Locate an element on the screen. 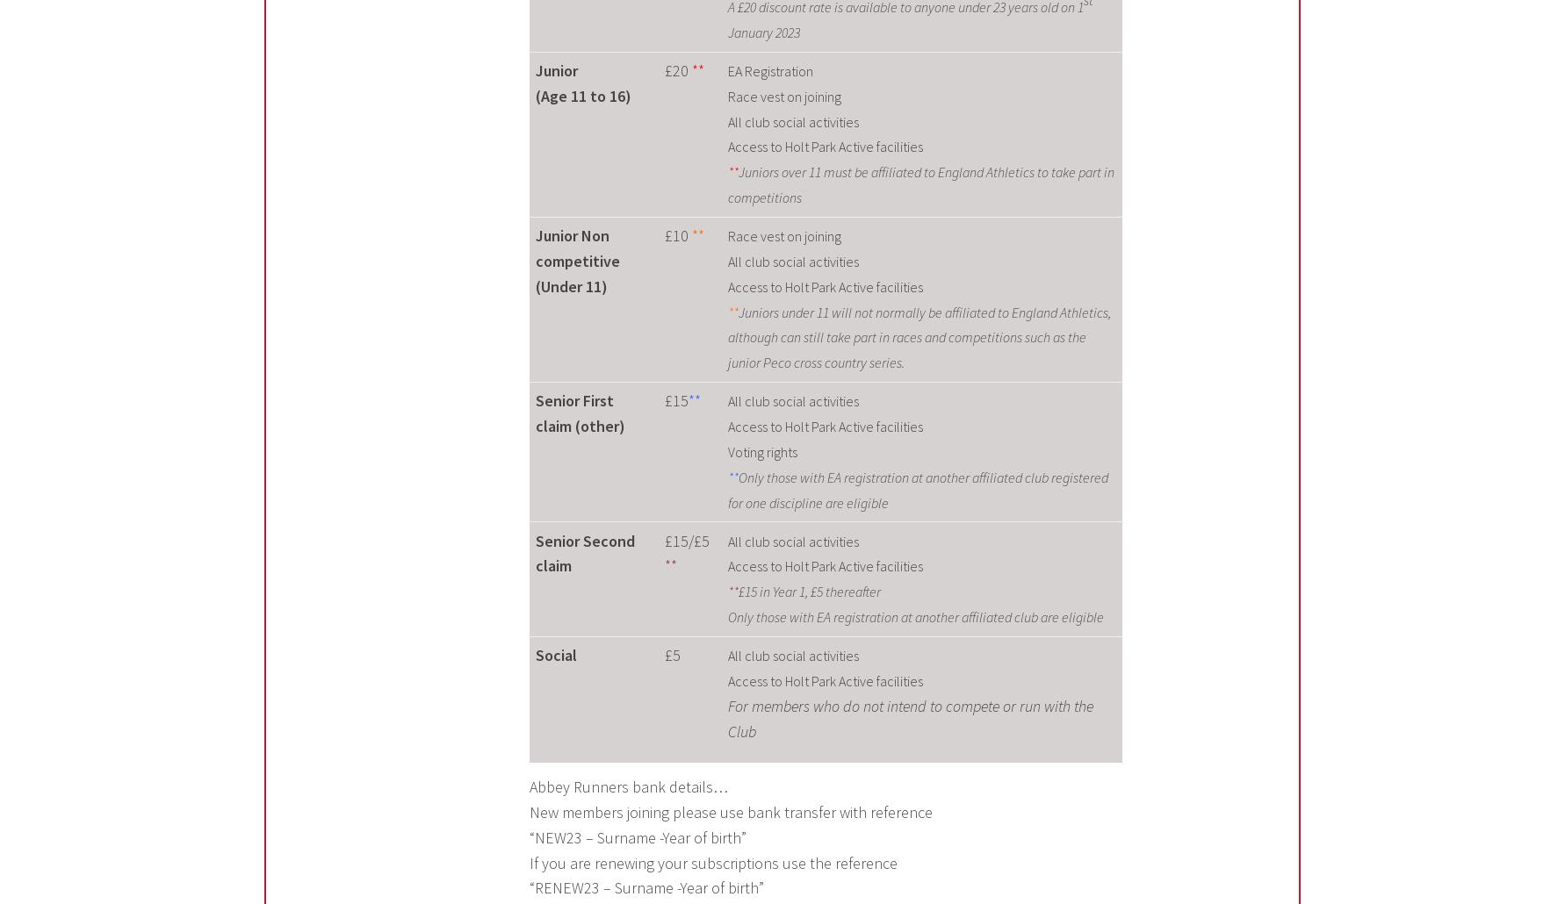  '£15' is located at coordinates (675, 399).